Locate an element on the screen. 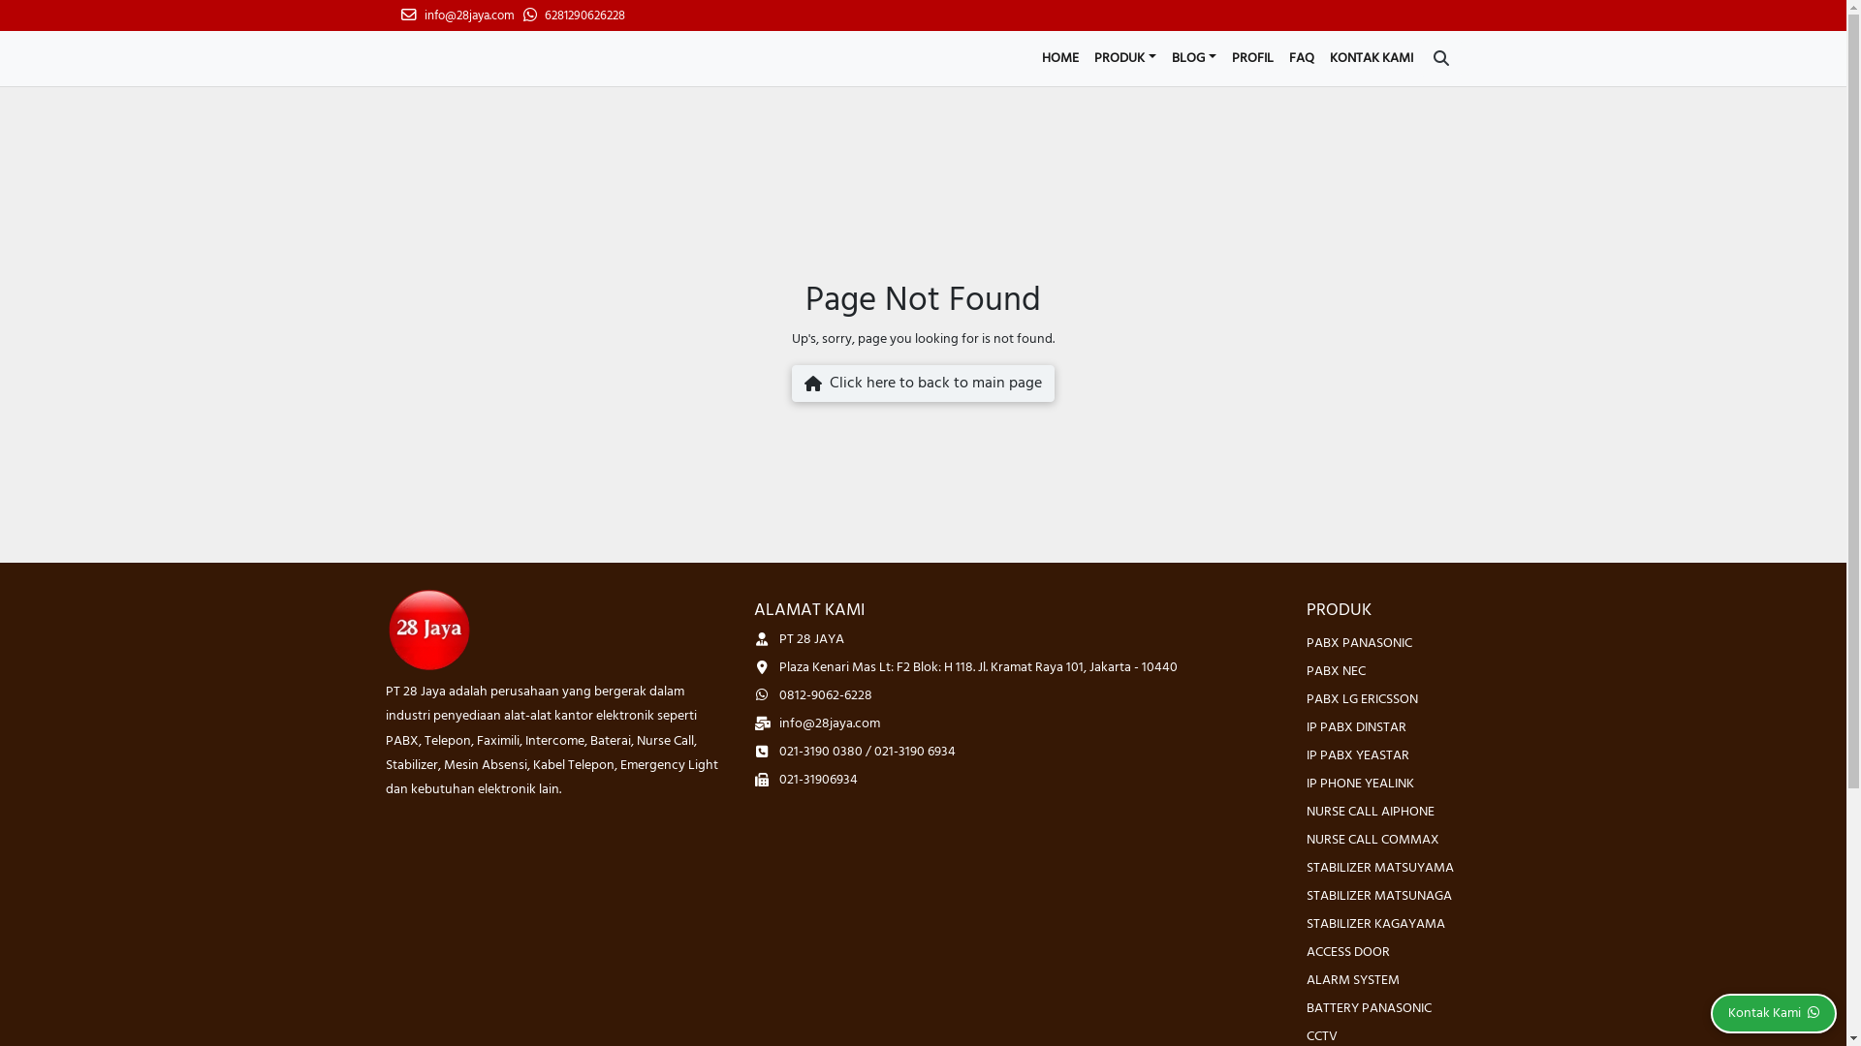  'STABILIZER MATSUNAGA' is located at coordinates (1377, 896).